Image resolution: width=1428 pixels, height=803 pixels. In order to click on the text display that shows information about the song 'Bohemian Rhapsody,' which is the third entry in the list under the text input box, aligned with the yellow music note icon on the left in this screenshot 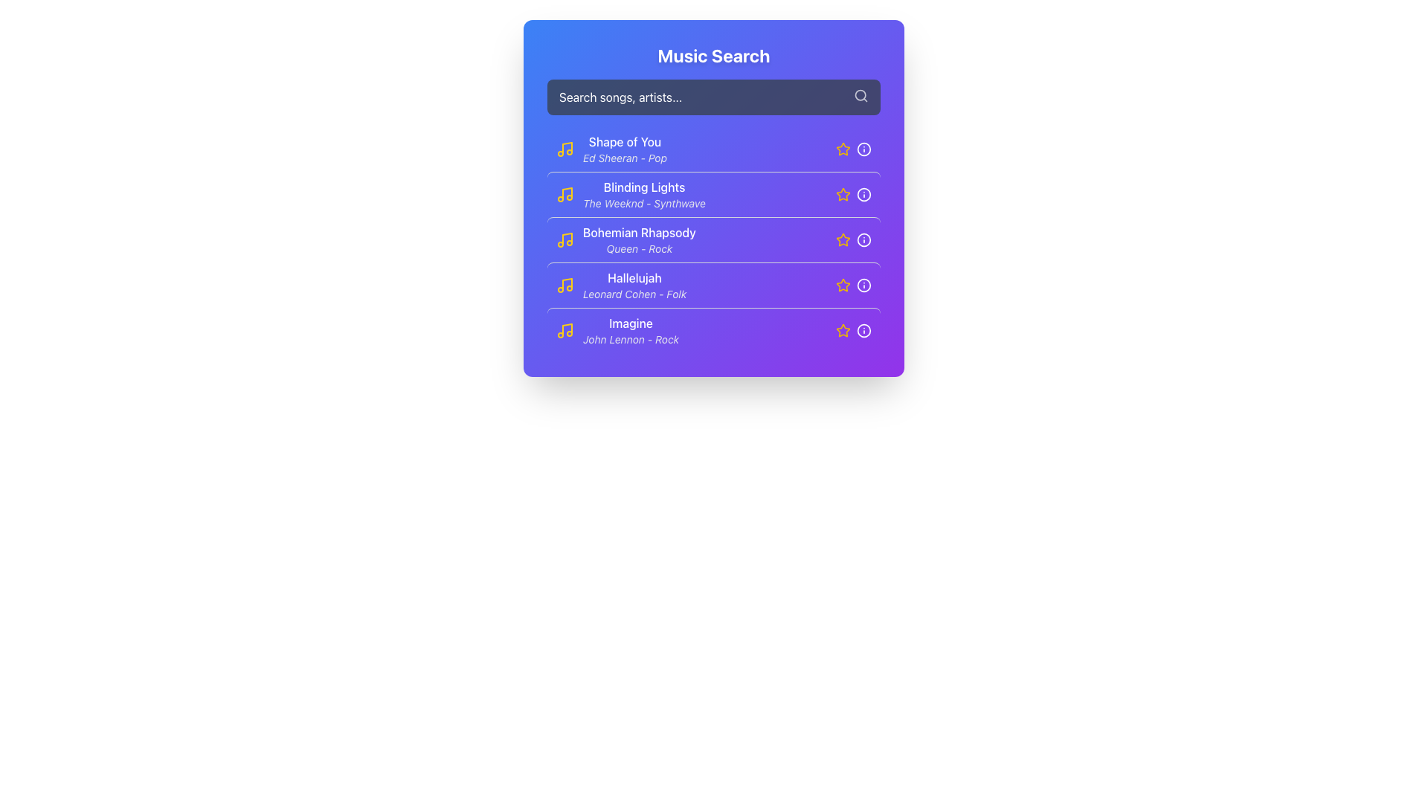, I will do `click(639, 239)`.